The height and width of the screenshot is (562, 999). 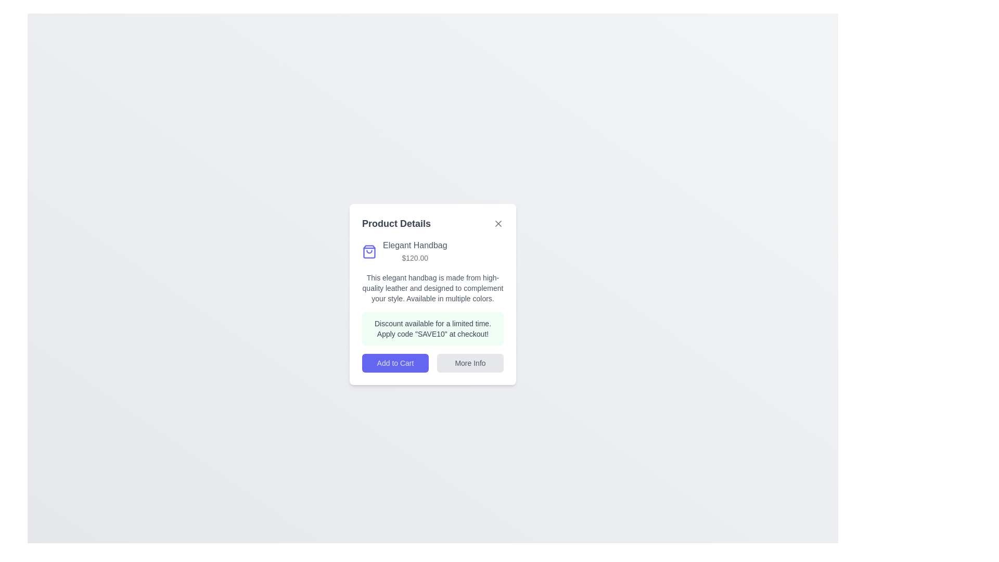 What do you see at coordinates (432, 251) in the screenshot?
I see `the 'Elegant Handbag' text within the product details popup to highlight it` at bounding box center [432, 251].